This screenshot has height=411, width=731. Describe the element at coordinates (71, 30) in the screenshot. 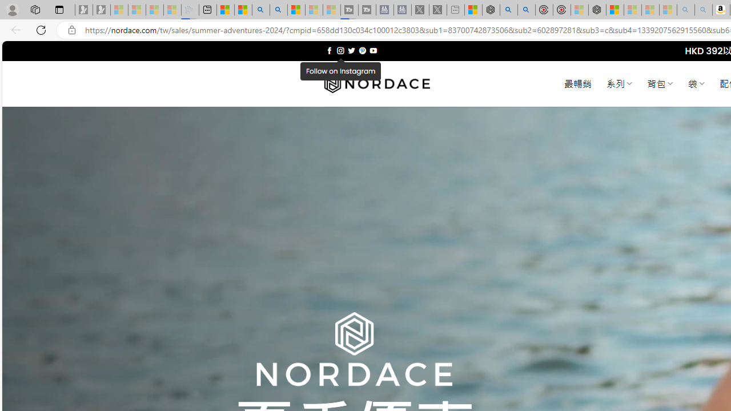

I see `'View site information'` at that location.